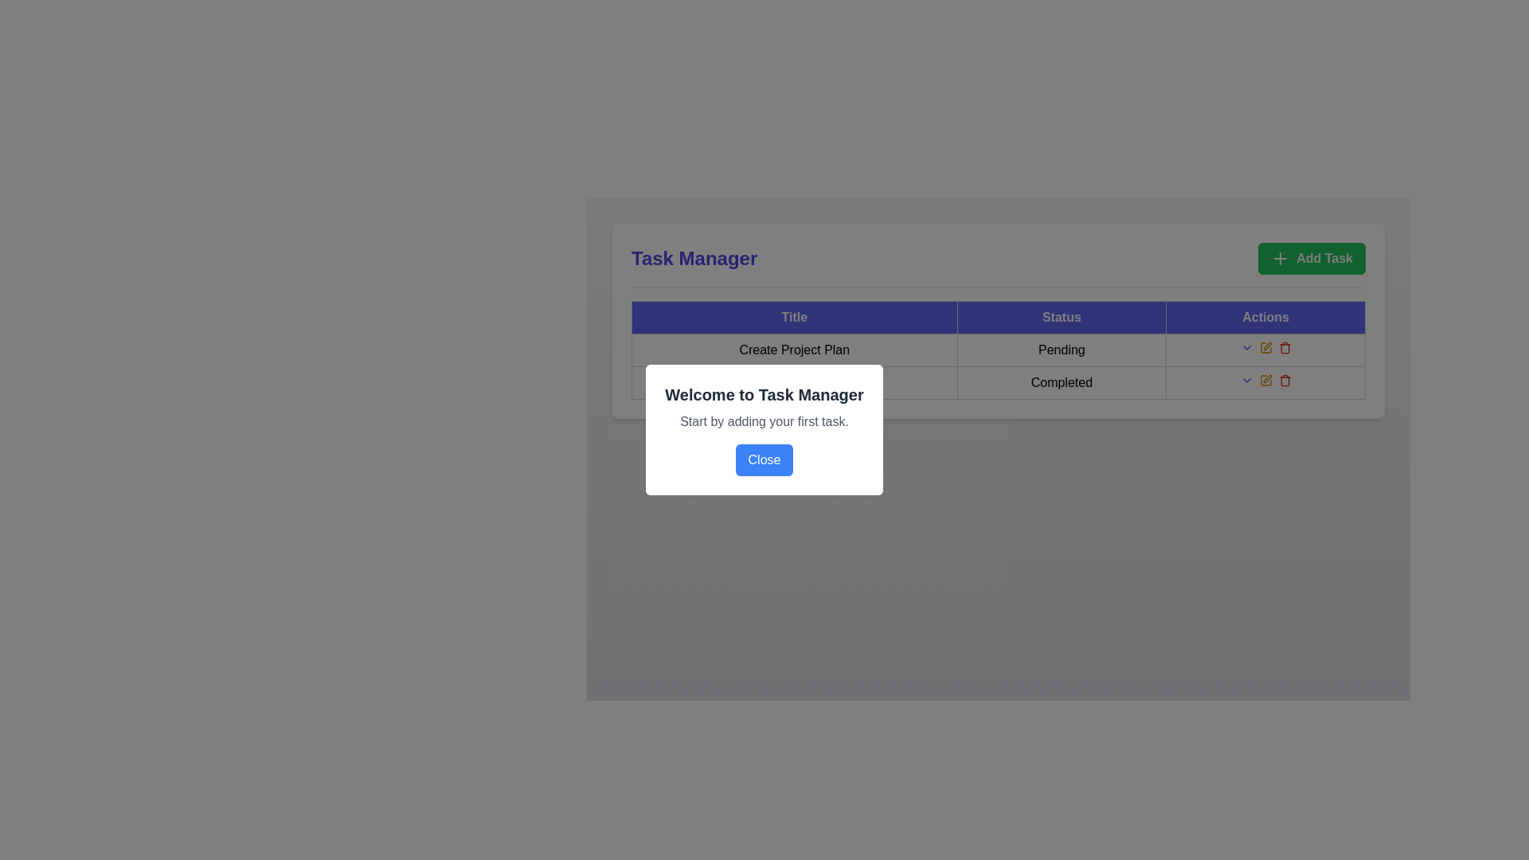  Describe the element at coordinates (1062, 383) in the screenshot. I see `text 'Completed' from the table cell in the 'Status' column for the task labeled 'Team Meeting'` at that location.